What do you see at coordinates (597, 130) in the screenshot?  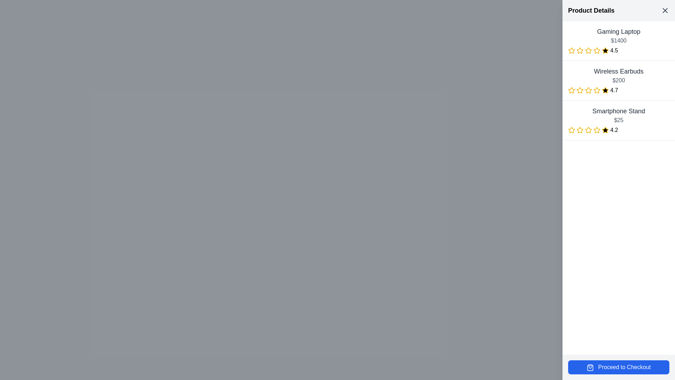 I see `the filled gold star icon representing the fourth star in the rating system for 'Smartphone Stand'` at bounding box center [597, 130].